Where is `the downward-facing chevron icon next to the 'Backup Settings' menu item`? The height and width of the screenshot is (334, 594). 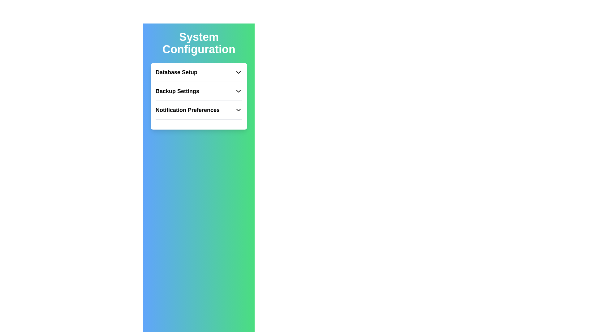
the downward-facing chevron icon next to the 'Backup Settings' menu item is located at coordinates (238, 91).